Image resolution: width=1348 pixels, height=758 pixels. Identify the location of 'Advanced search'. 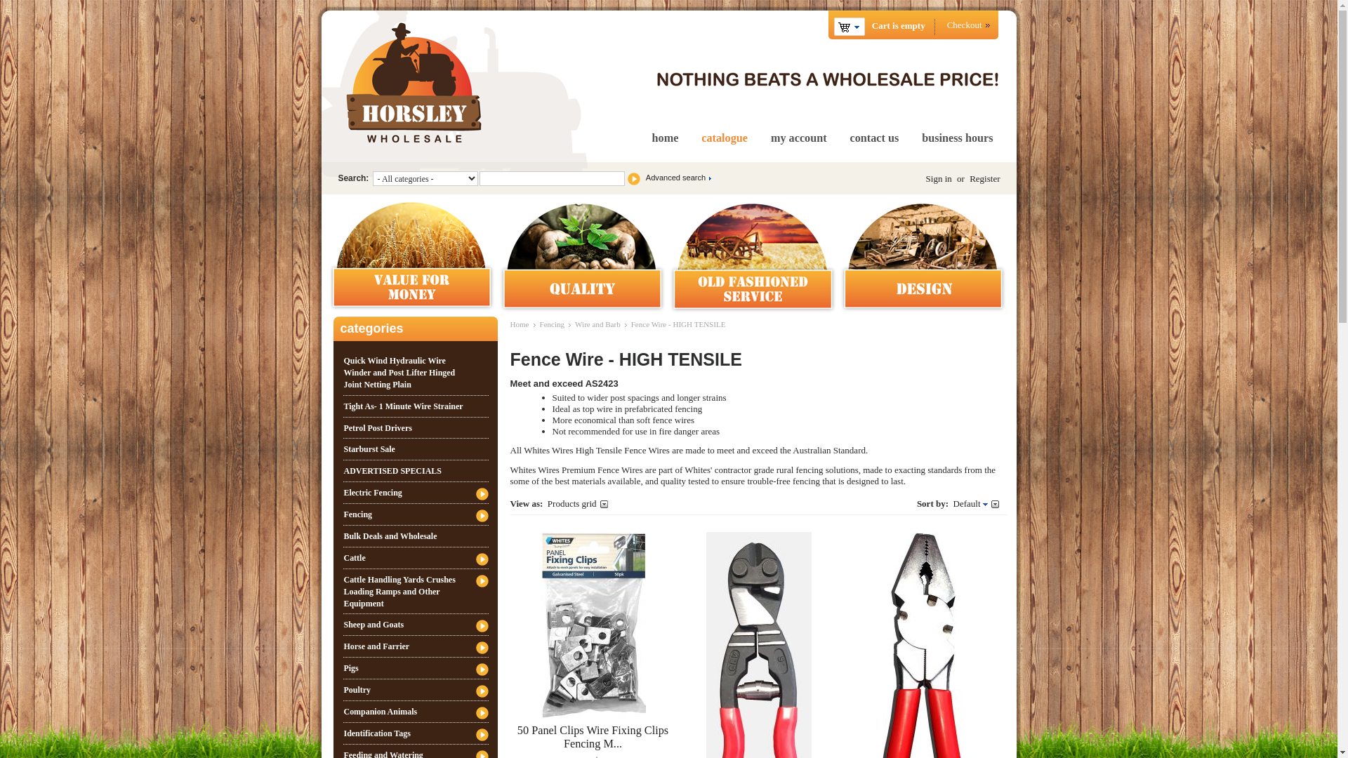
(677, 177).